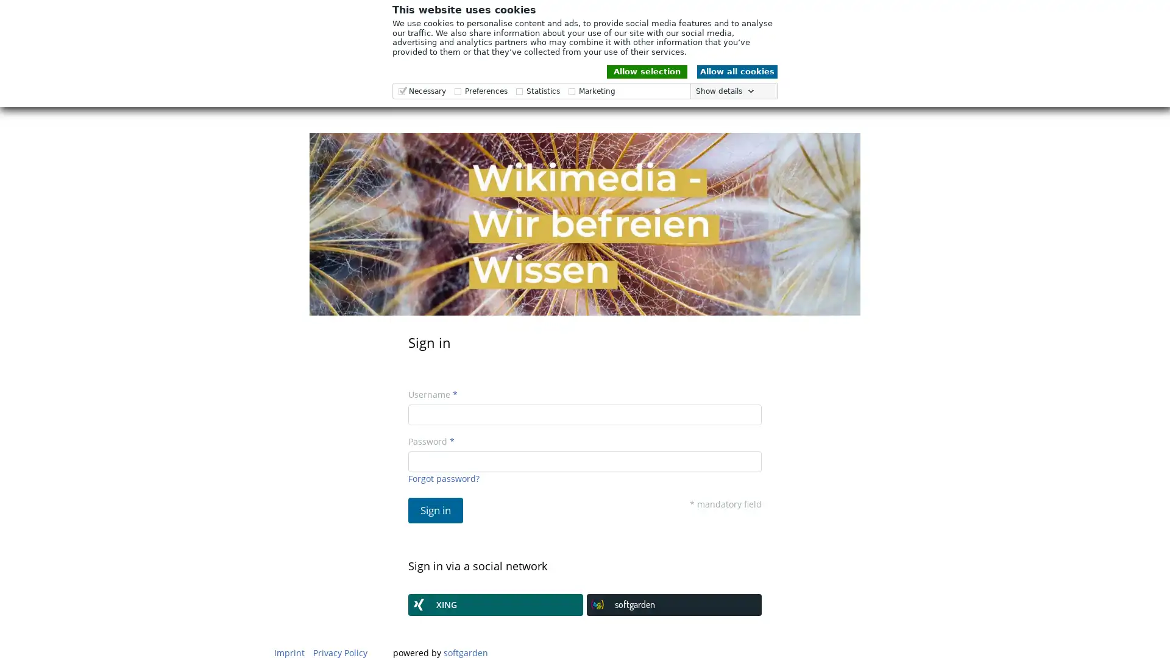 This screenshot has width=1170, height=658. What do you see at coordinates (436, 510) in the screenshot?
I see `Sign in` at bounding box center [436, 510].